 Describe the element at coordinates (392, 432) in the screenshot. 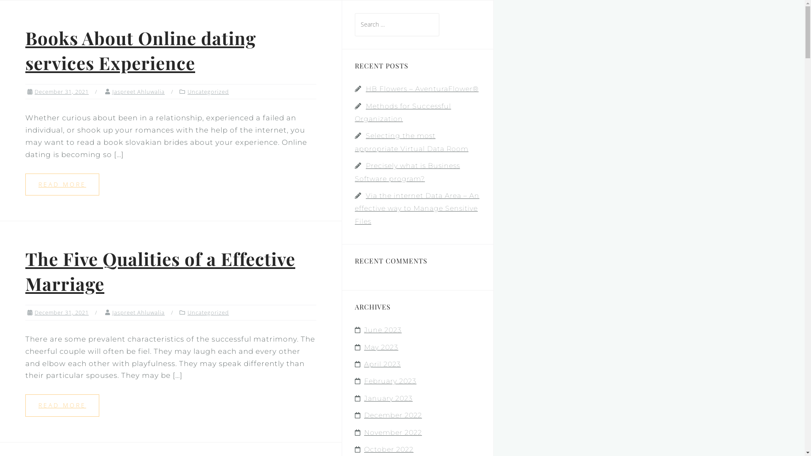

I see `'November 2022'` at that location.